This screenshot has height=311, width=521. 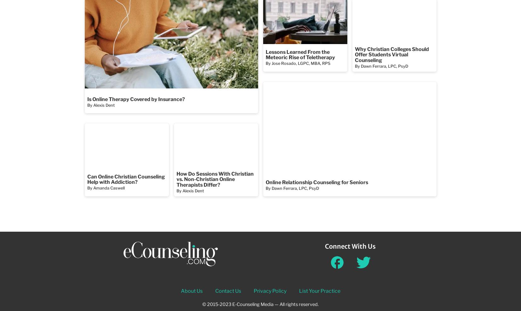 I want to click on 'By Amanda Caswell', so click(x=105, y=188).